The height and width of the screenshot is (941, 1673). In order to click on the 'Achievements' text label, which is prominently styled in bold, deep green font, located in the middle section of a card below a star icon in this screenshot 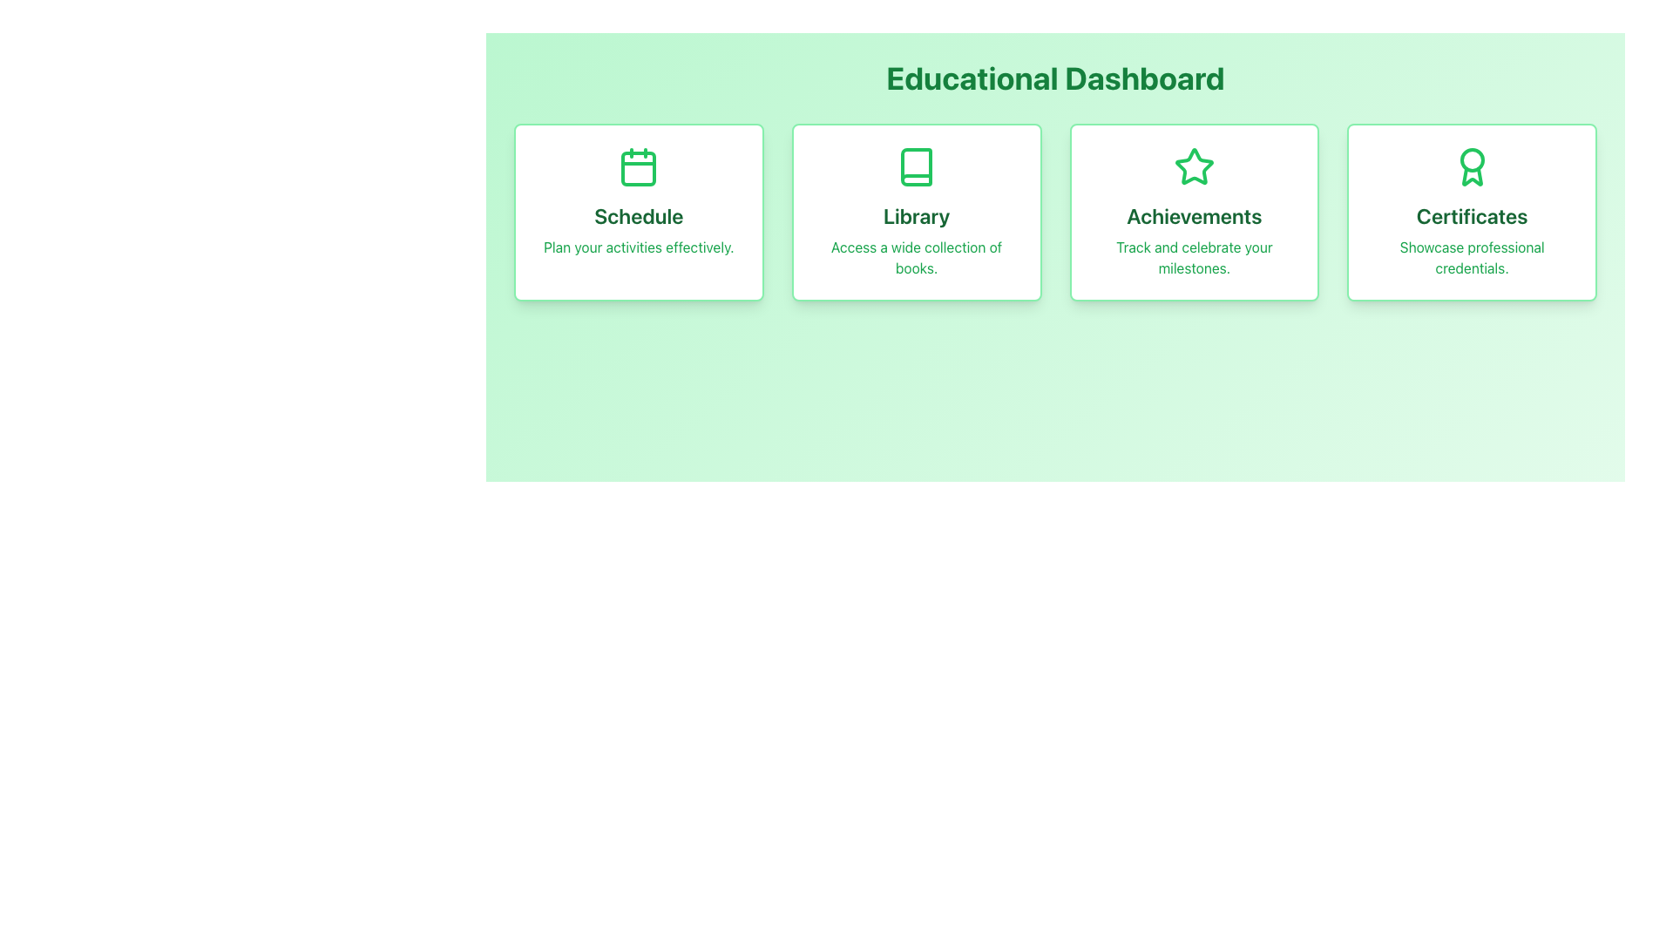, I will do `click(1193, 214)`.